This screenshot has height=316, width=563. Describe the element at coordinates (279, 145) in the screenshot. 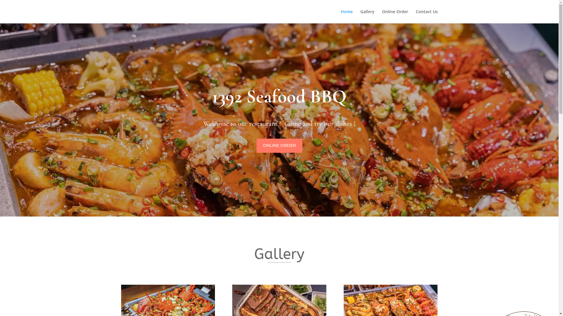

I see `'ONLINE ORDER'` at that location.